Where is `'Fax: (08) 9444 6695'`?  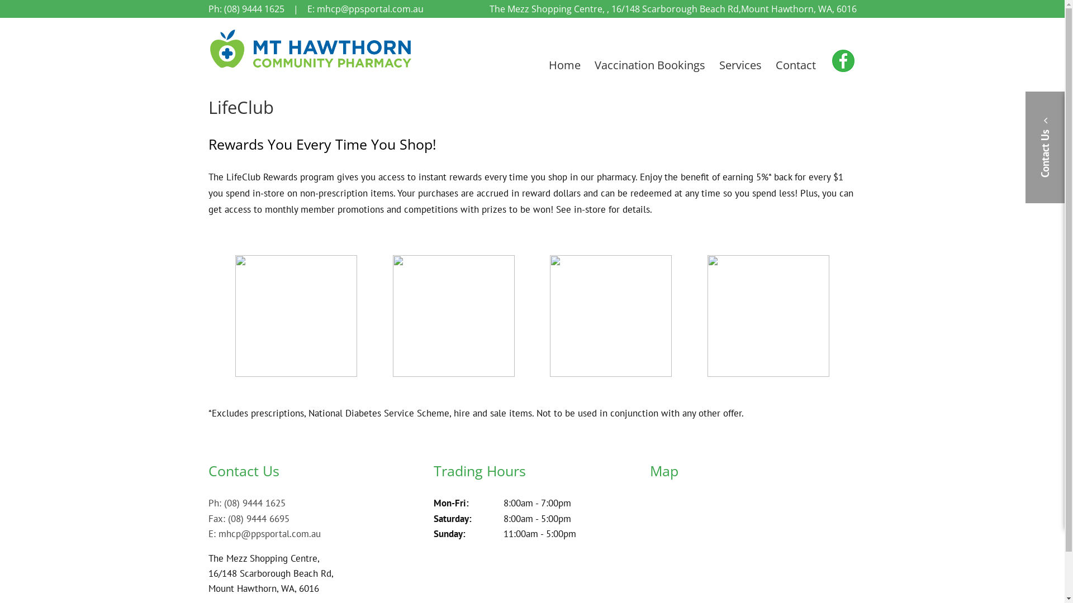
'Fax: (08) 9444 6695' is located at coordinates (248, 519).